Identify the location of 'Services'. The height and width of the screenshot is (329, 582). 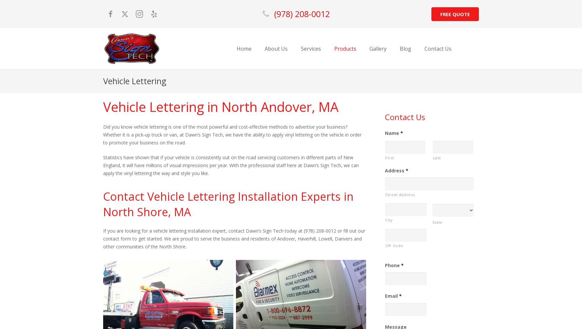
(310, 49).